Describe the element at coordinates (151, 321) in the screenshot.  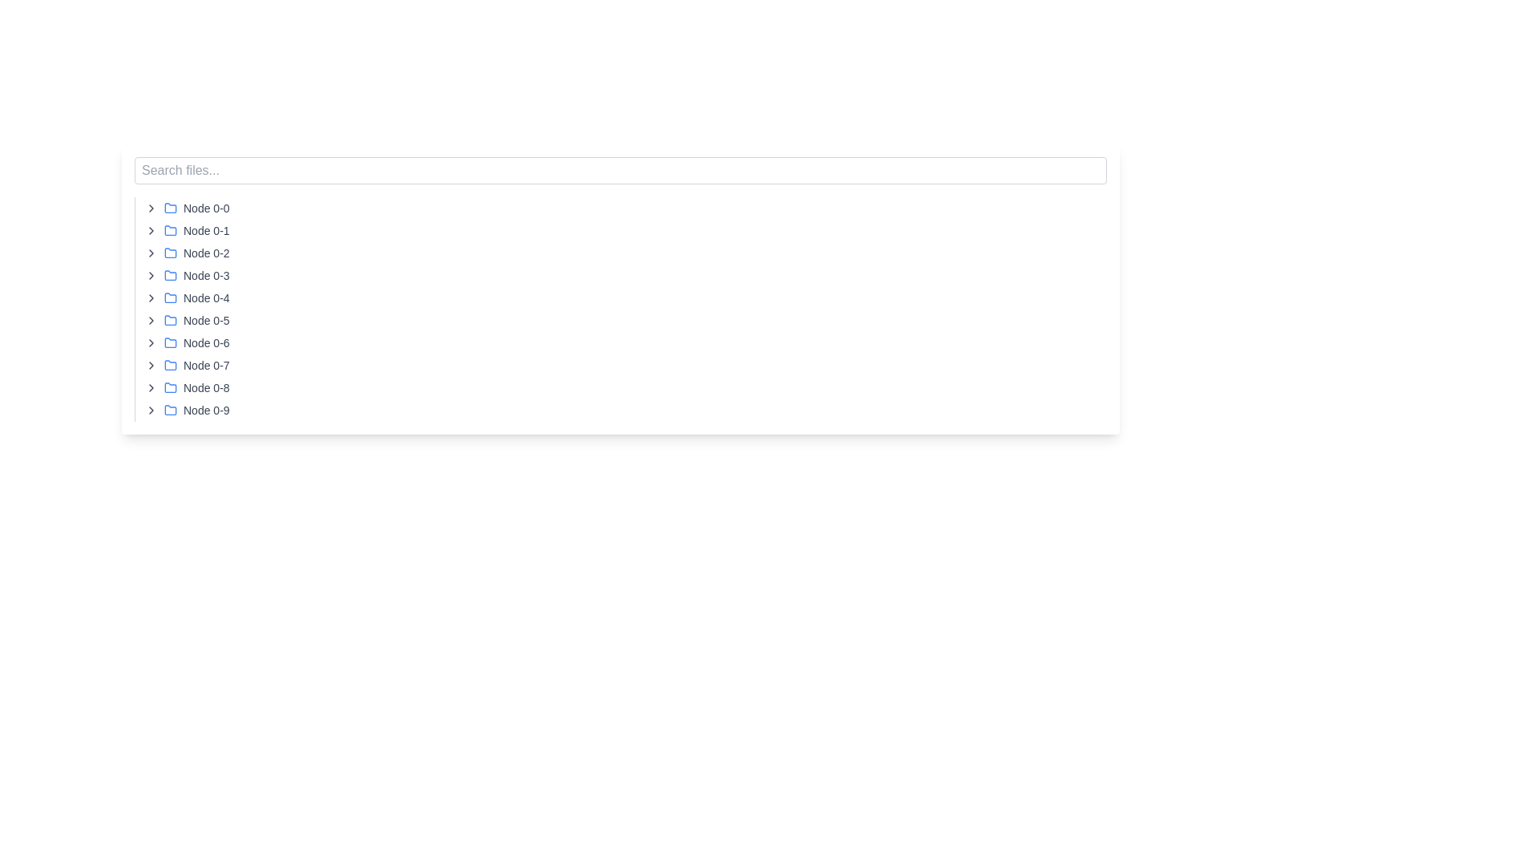
I see `the collapsible indicator for the 'Node 0-5' node` at that location.